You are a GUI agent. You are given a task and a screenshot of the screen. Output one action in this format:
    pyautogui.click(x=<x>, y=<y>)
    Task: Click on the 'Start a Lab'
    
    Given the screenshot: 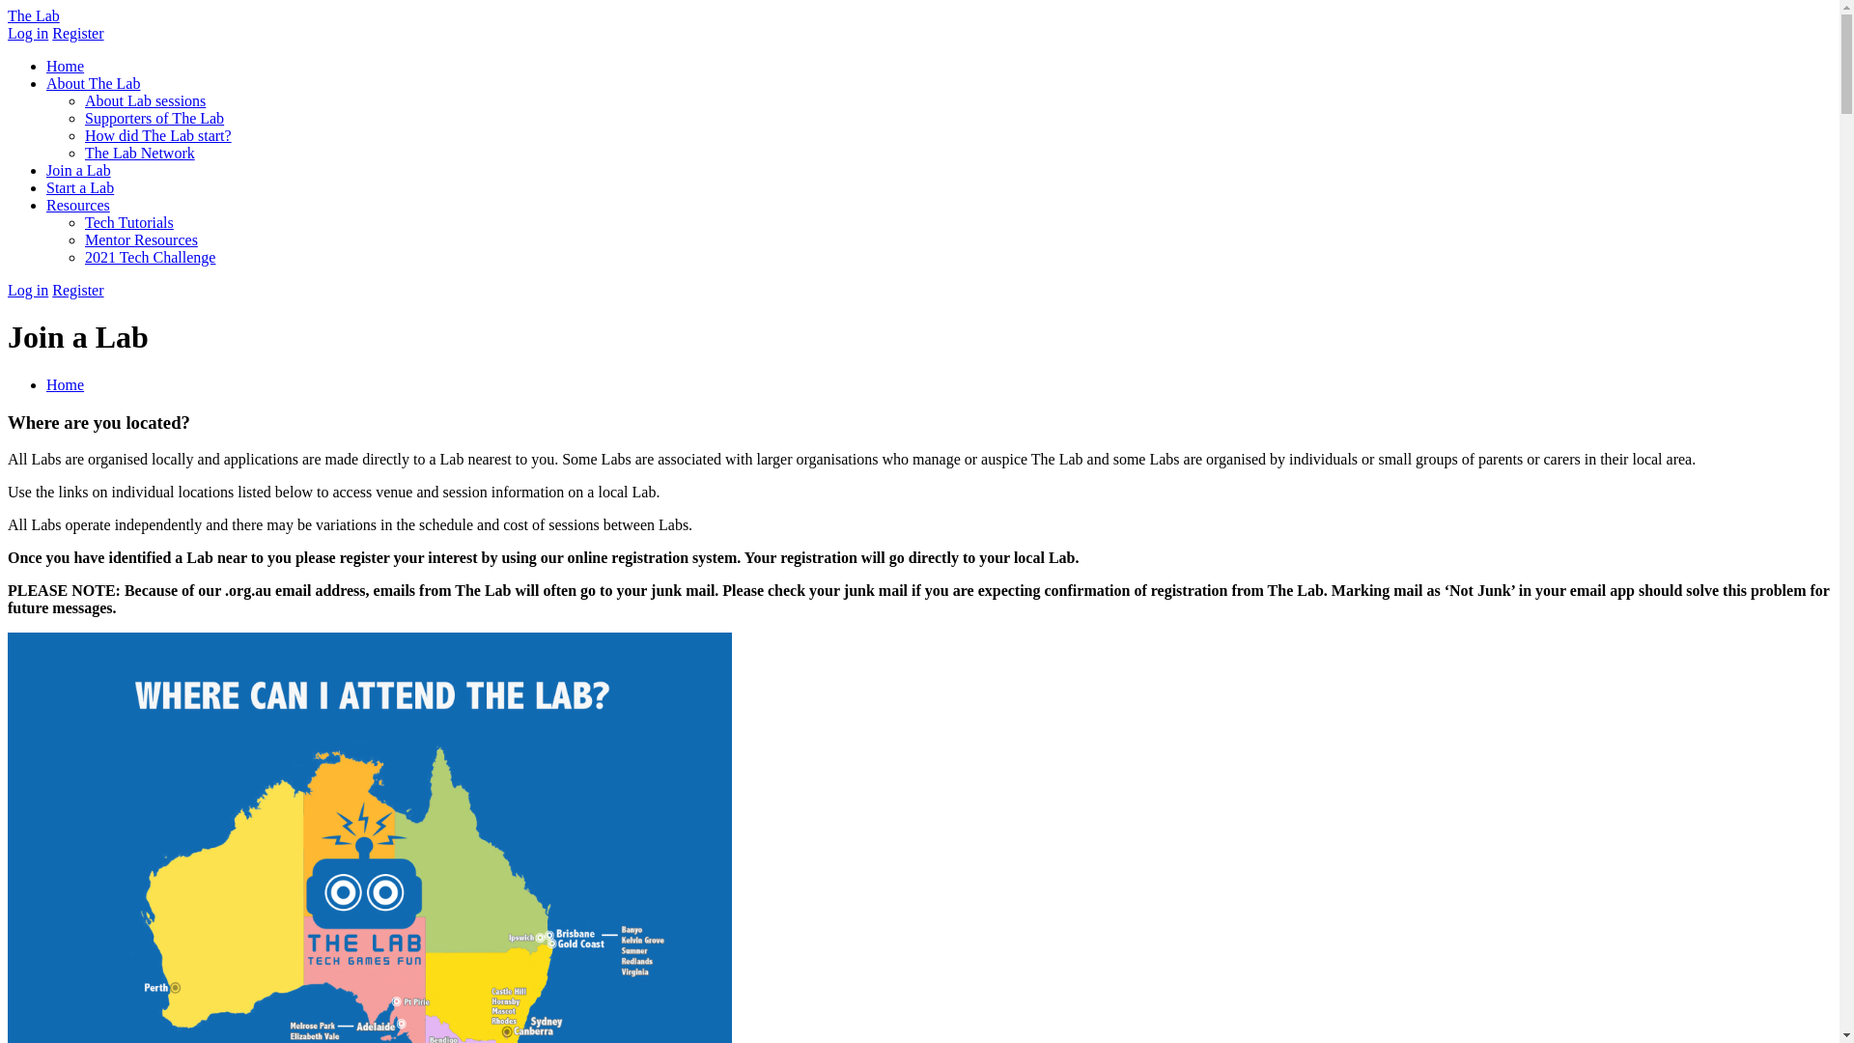 What is the action you would take?
    pyautogui.click(x=78, y=187)
    